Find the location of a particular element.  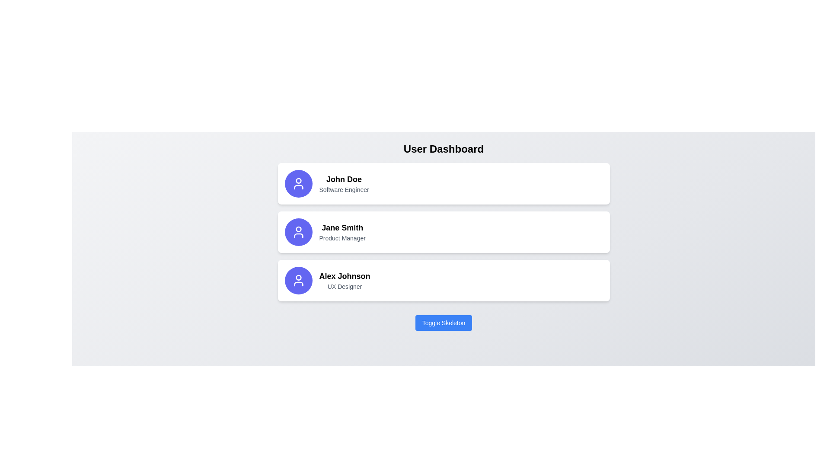

the button located below the list of user profiles, which toggles a visual or functional state related to the skeleton concept is located at coordinates (444, 323).